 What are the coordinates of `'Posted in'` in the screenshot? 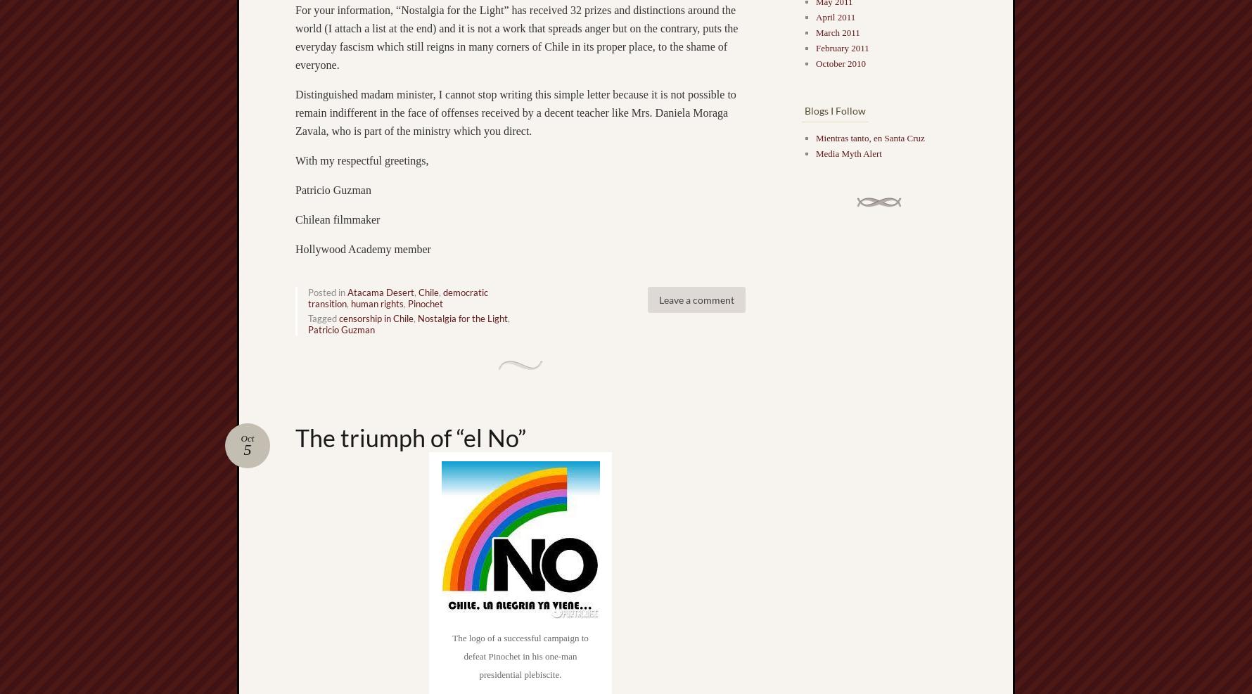 It's located at (307, 292).